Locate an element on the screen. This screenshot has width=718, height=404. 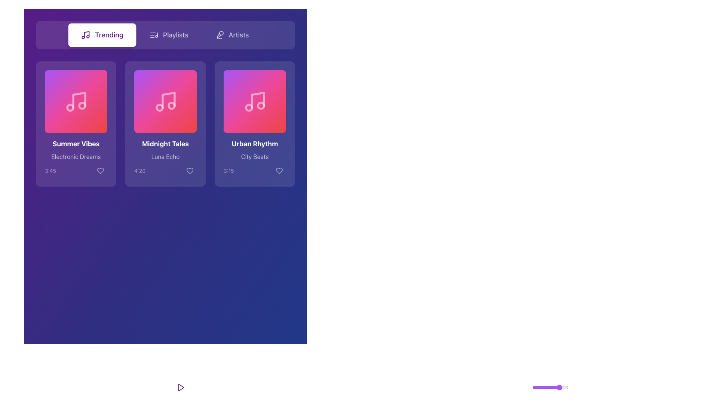
the slider is located at coordinates (559, 387).